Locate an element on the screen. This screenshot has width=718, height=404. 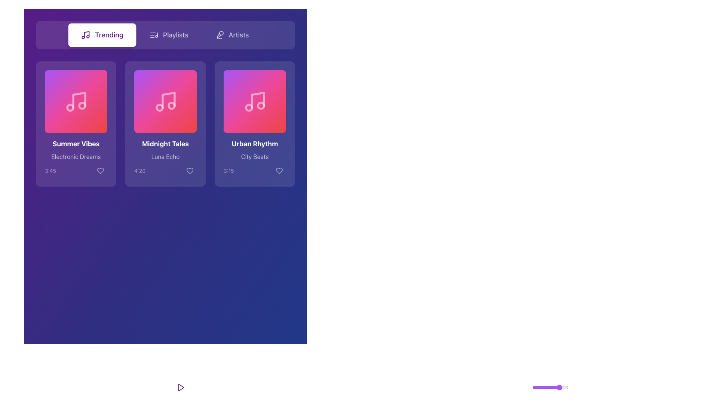
the slider is located at coordinates (559, 387).